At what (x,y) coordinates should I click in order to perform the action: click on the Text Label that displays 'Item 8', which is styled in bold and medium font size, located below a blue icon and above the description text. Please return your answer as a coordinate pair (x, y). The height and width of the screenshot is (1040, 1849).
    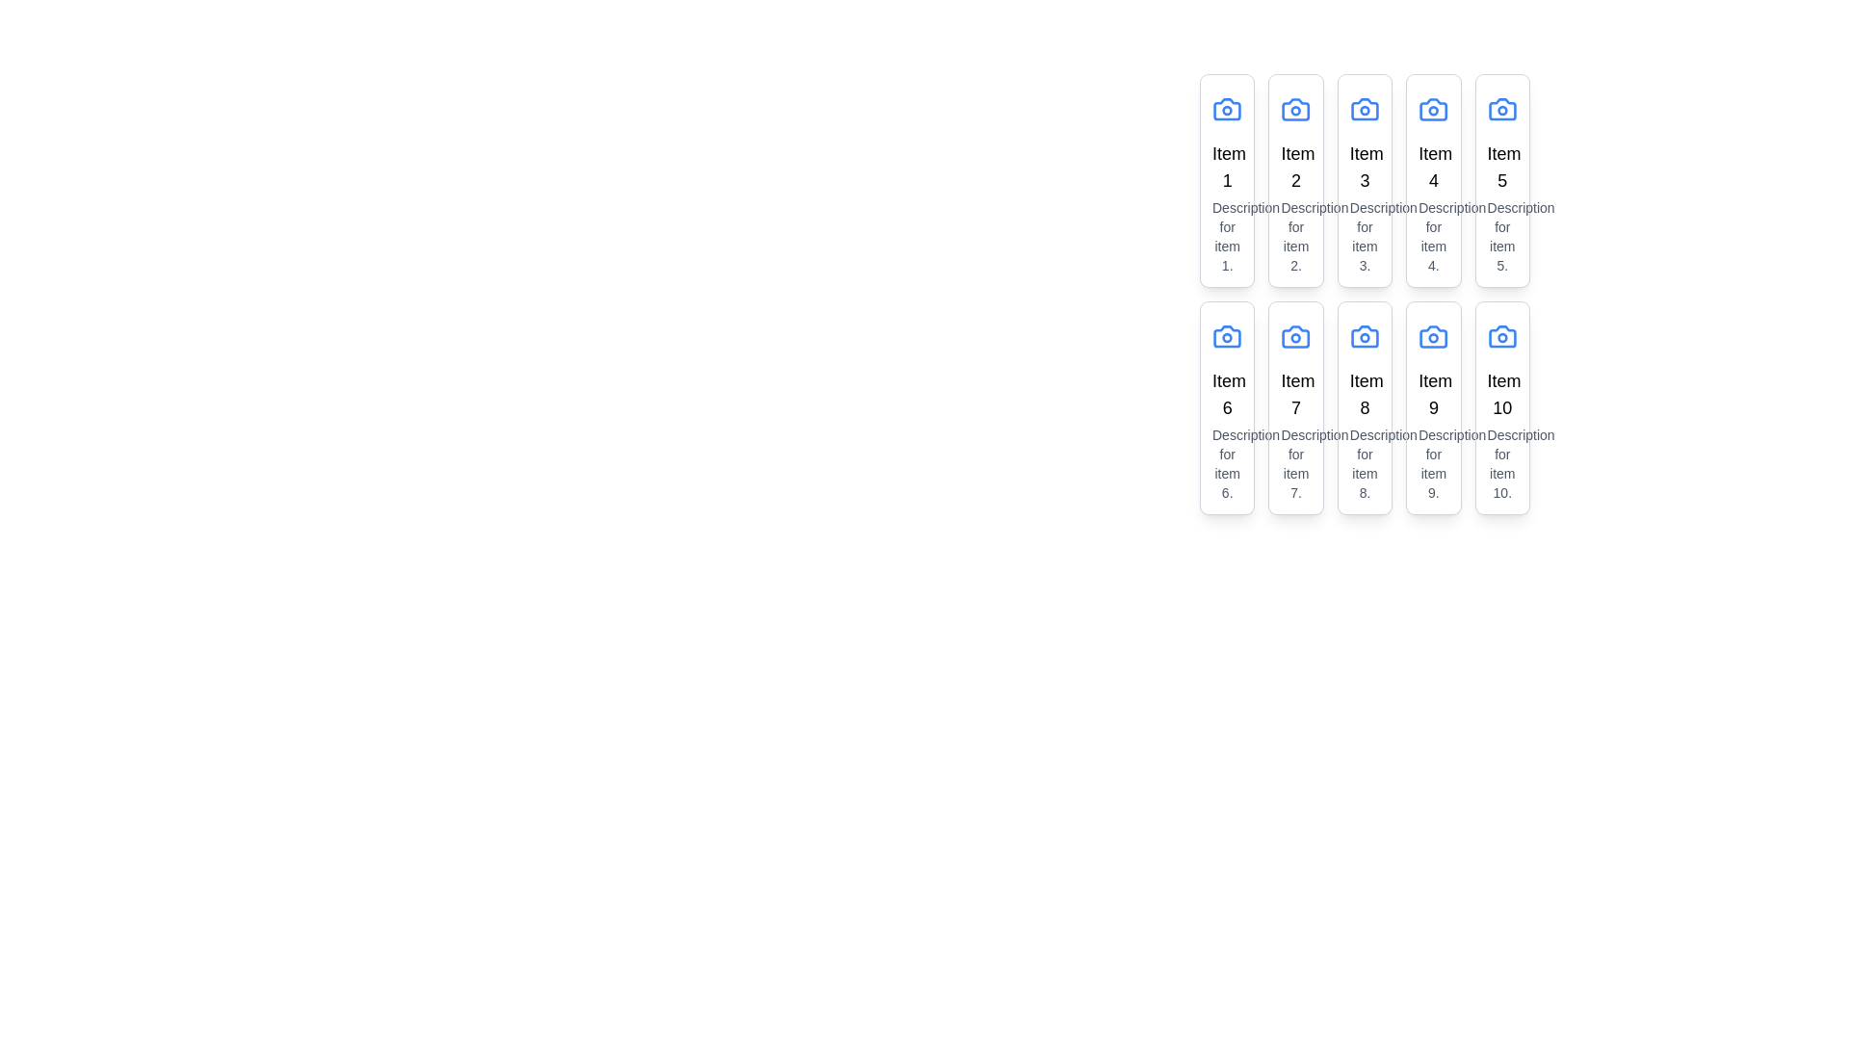
    Looking at the image, I should click on (1364, 393).